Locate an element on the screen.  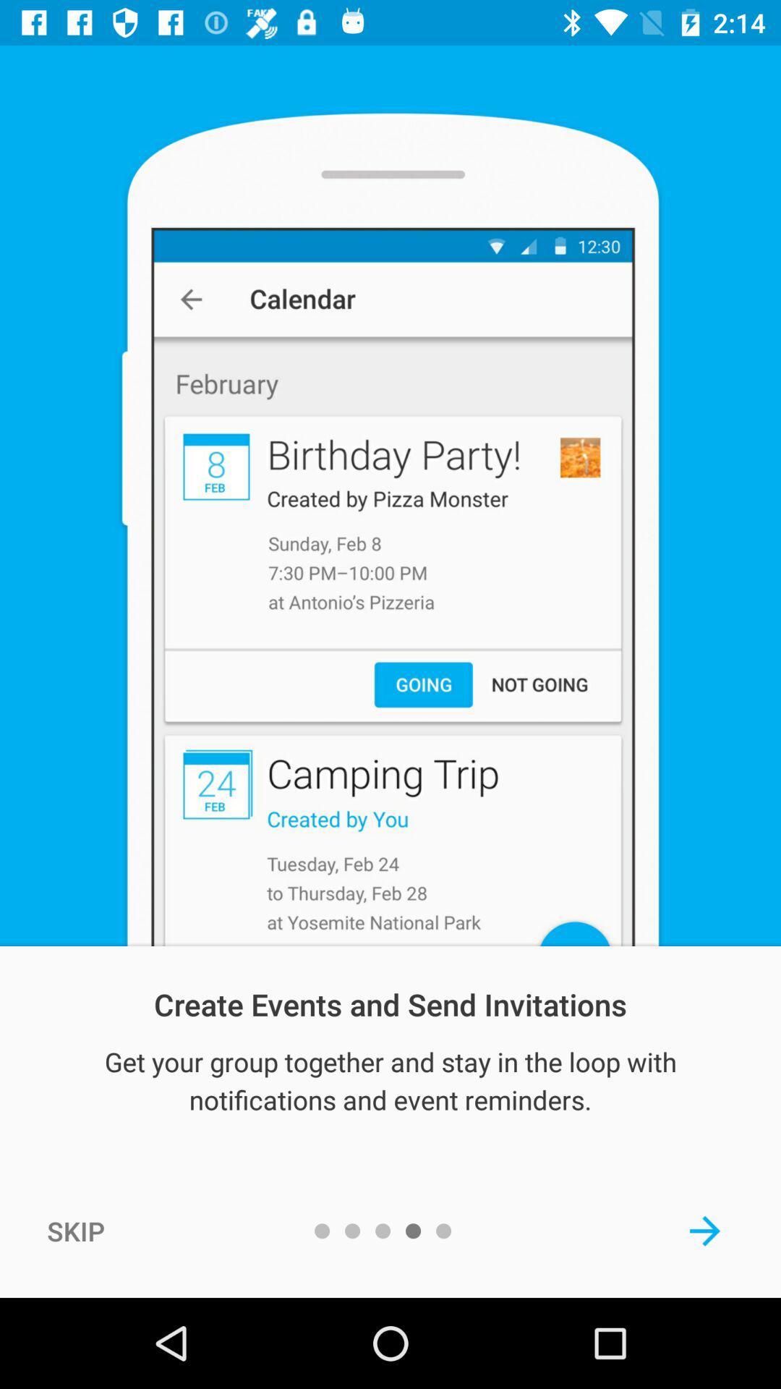
go next is located at coordinates (704, 1230).